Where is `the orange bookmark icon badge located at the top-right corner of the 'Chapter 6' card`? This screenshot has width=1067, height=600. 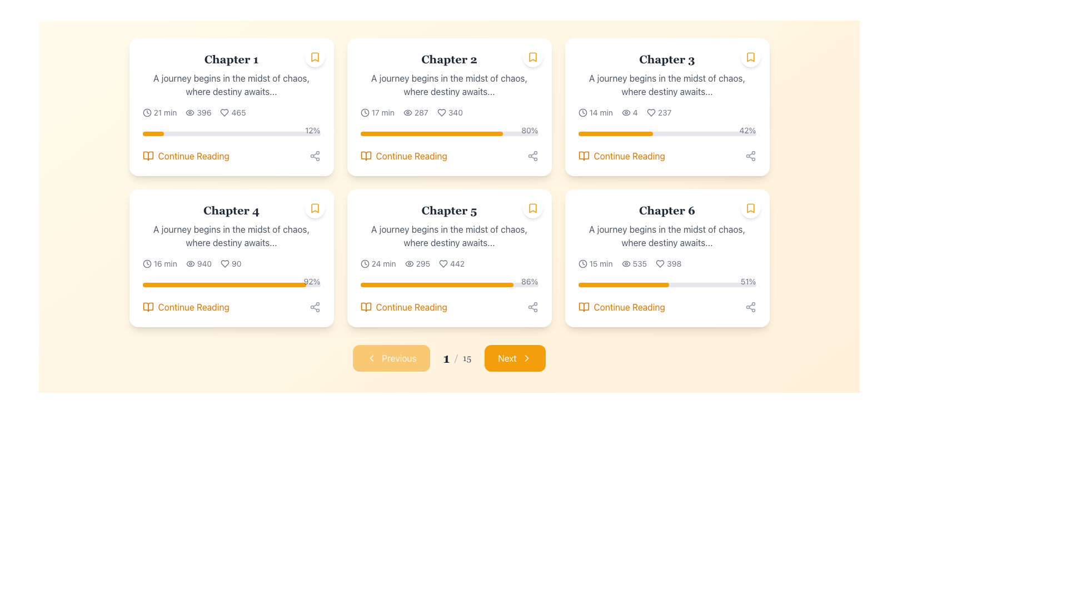
the orange bookmark icon badge located at the top-right corner of the 'Chapter 6' card is located at coordinates (750, 208).